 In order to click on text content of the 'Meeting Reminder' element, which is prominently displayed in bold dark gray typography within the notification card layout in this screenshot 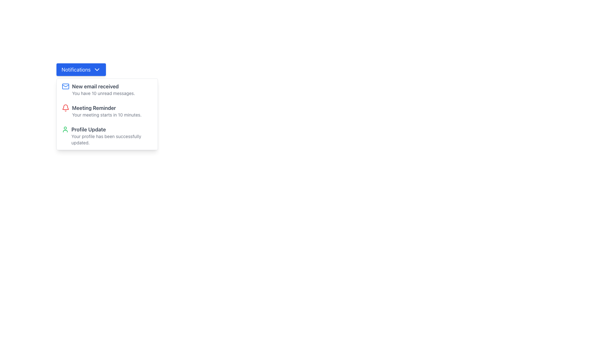, I will do `click(107, 107)`.